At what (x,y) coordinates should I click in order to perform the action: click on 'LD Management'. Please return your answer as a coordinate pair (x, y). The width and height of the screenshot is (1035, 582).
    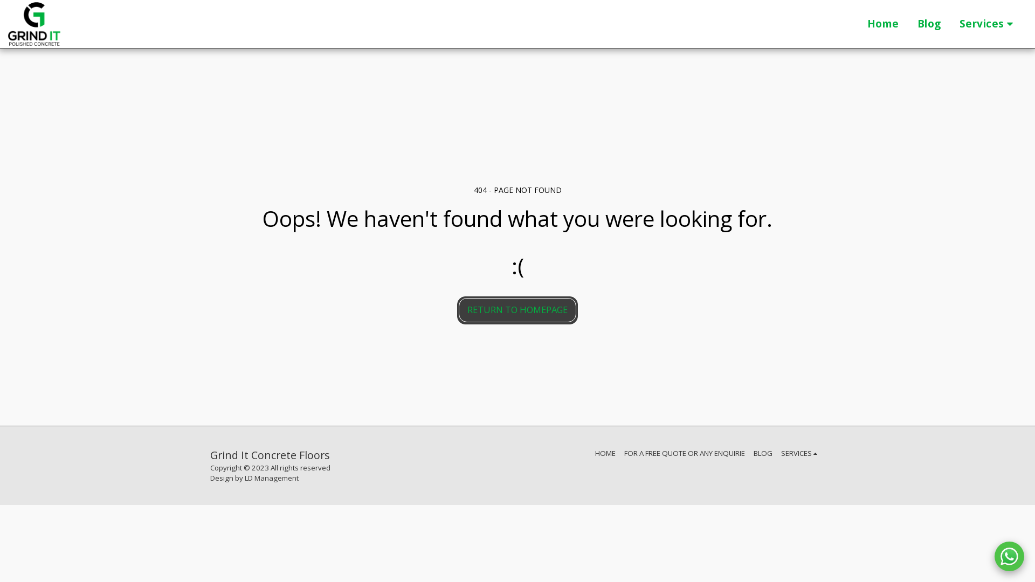
    Looking at the image, I should click on (272, 477).